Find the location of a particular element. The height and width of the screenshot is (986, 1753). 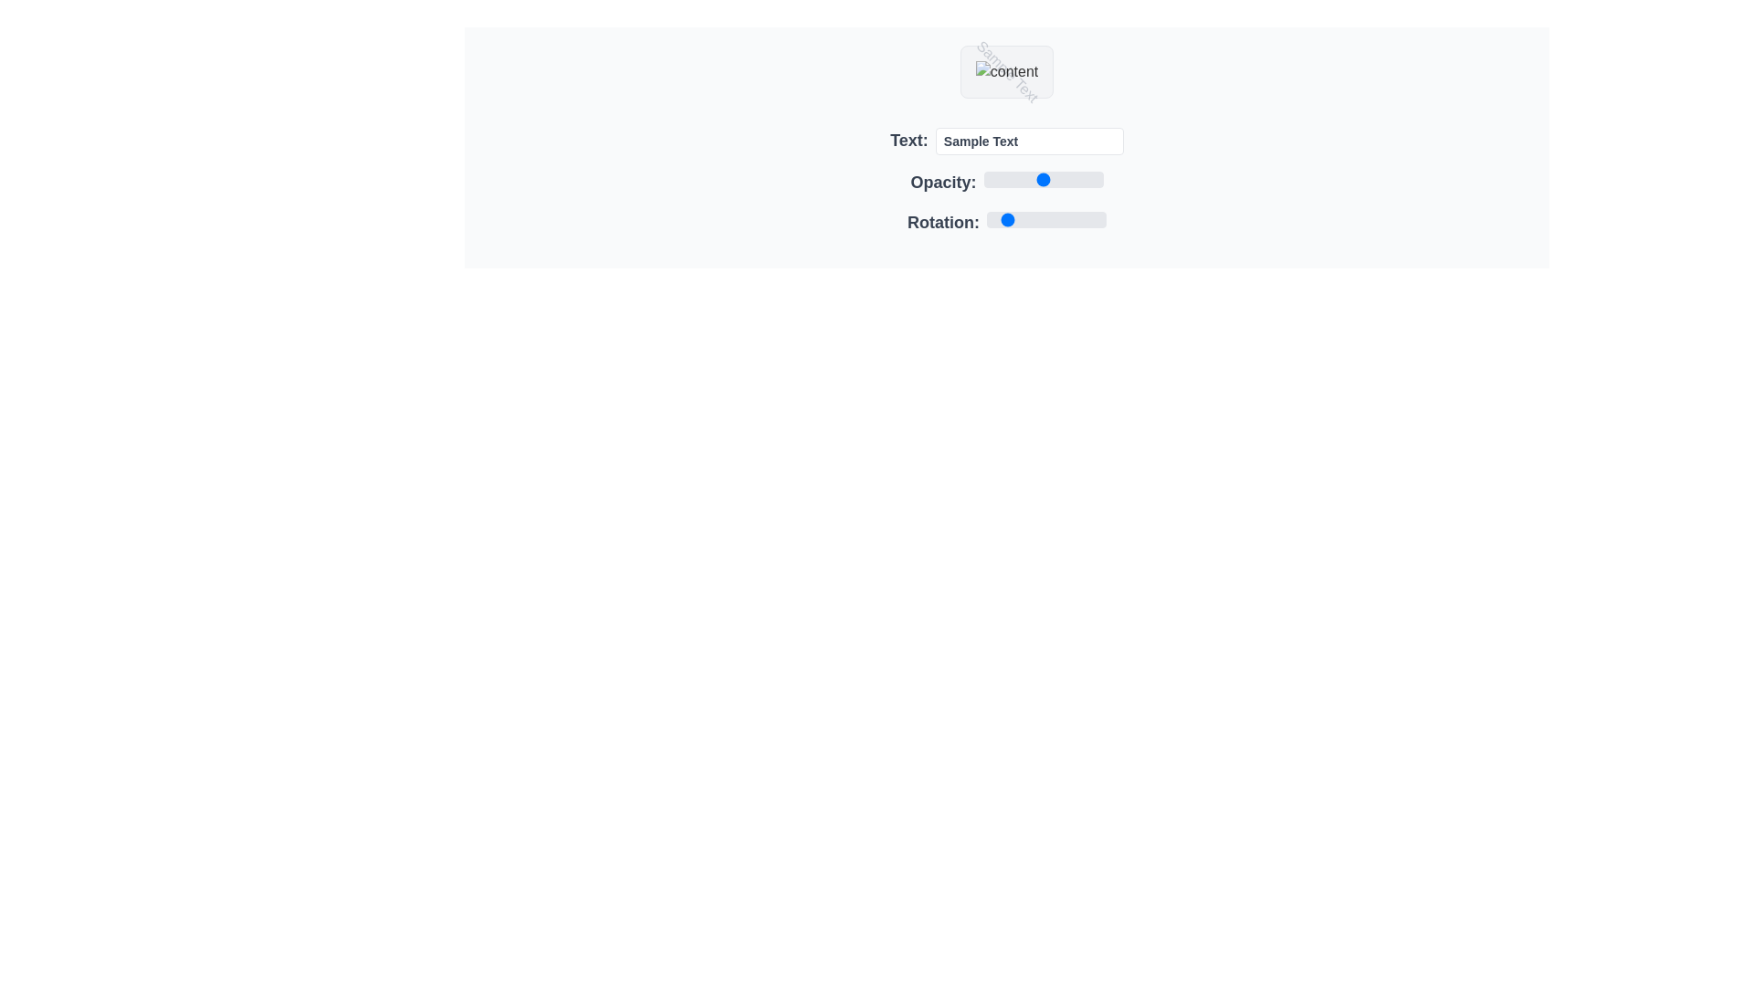

the rotation slider is located at coordinates (1033, 218).